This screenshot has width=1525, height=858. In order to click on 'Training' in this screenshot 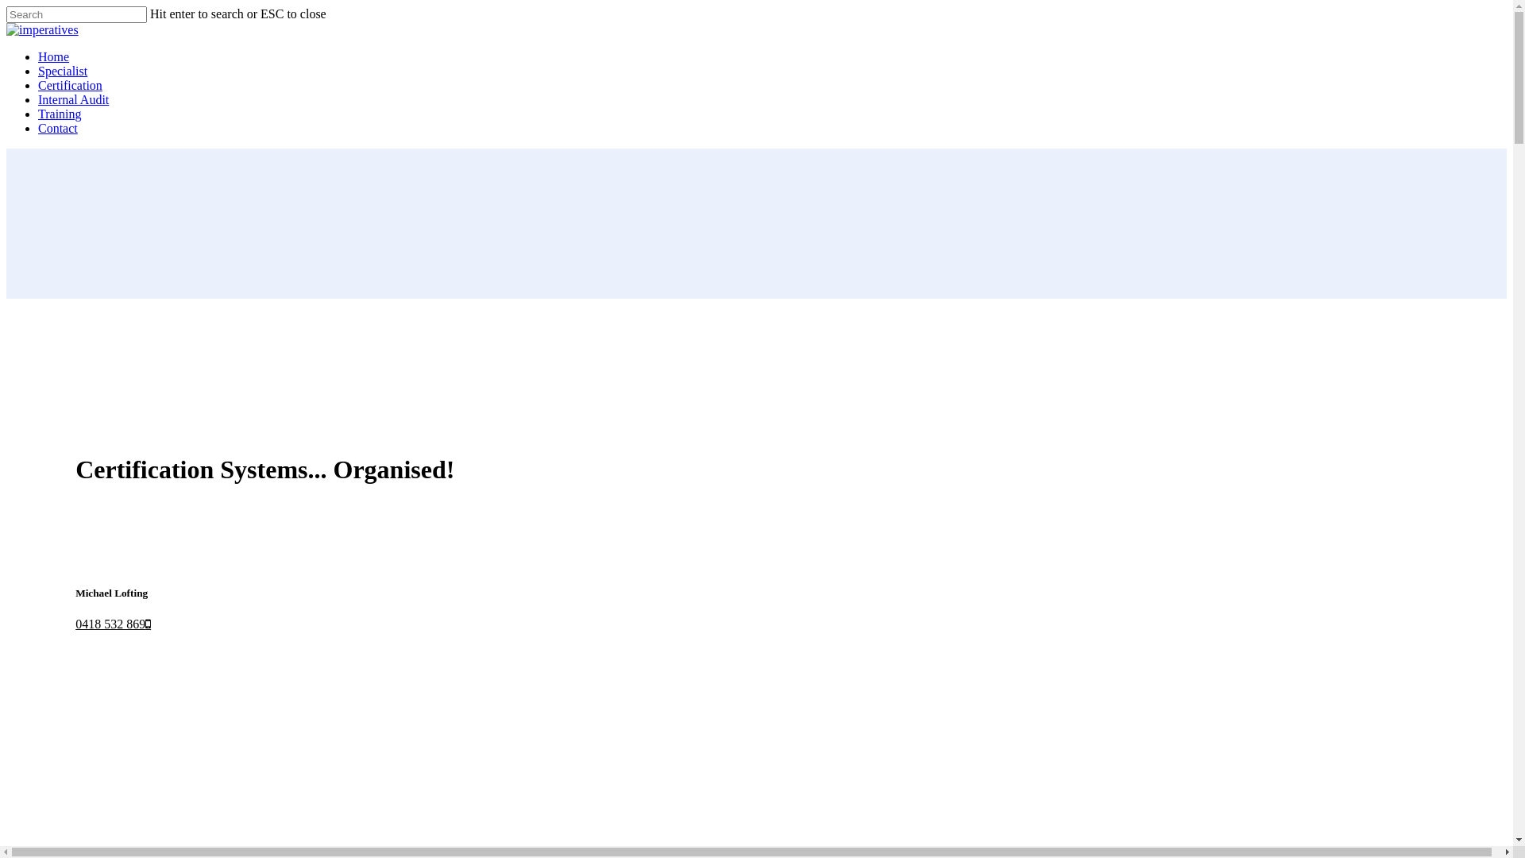, I will do `click(60, 113)`.